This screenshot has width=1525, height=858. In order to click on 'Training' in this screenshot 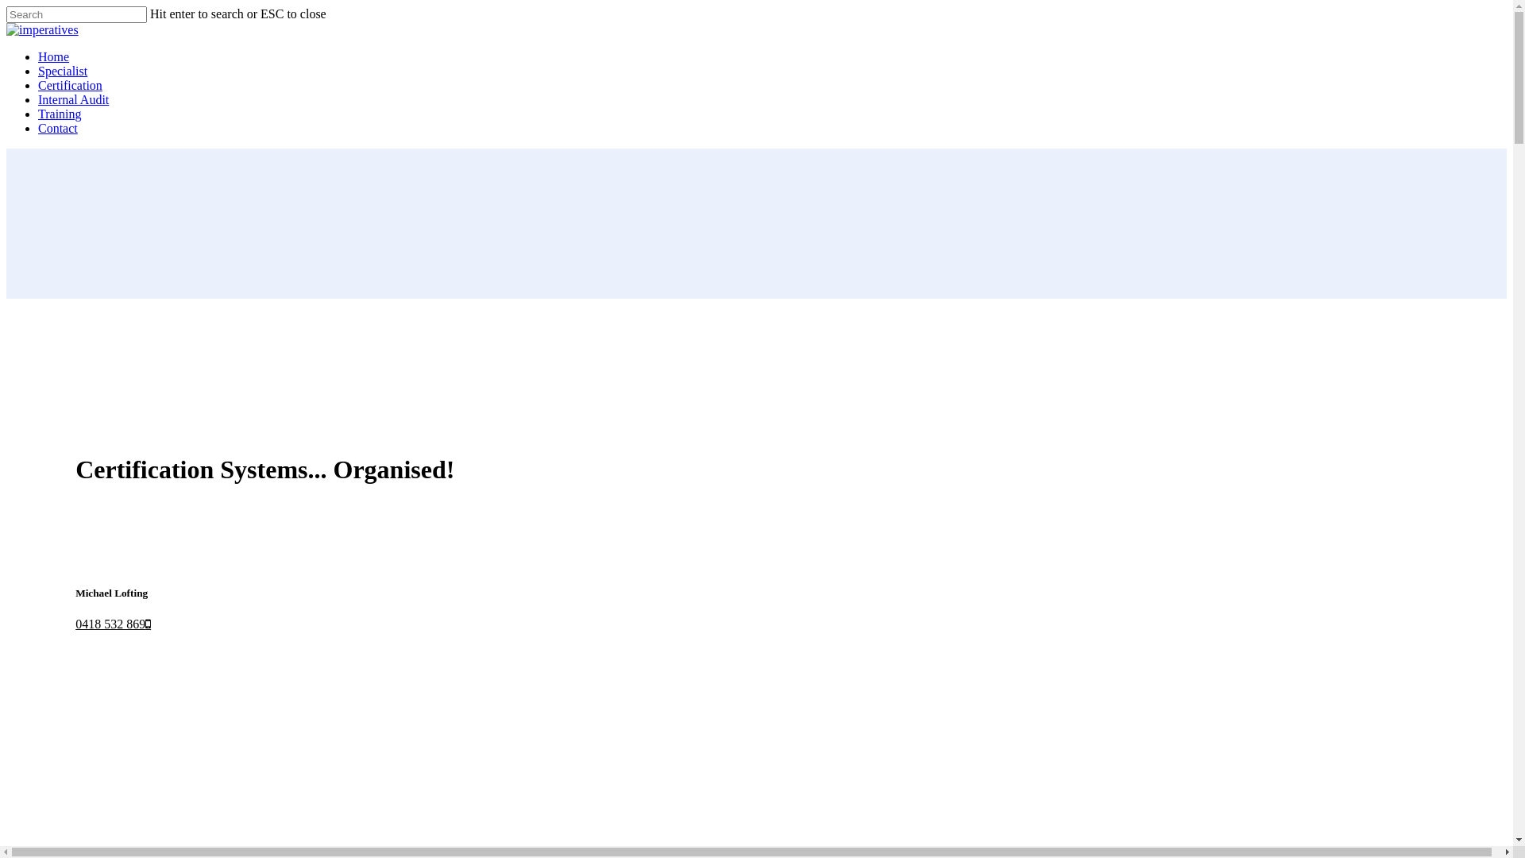, I will do `click(60, 113)`.